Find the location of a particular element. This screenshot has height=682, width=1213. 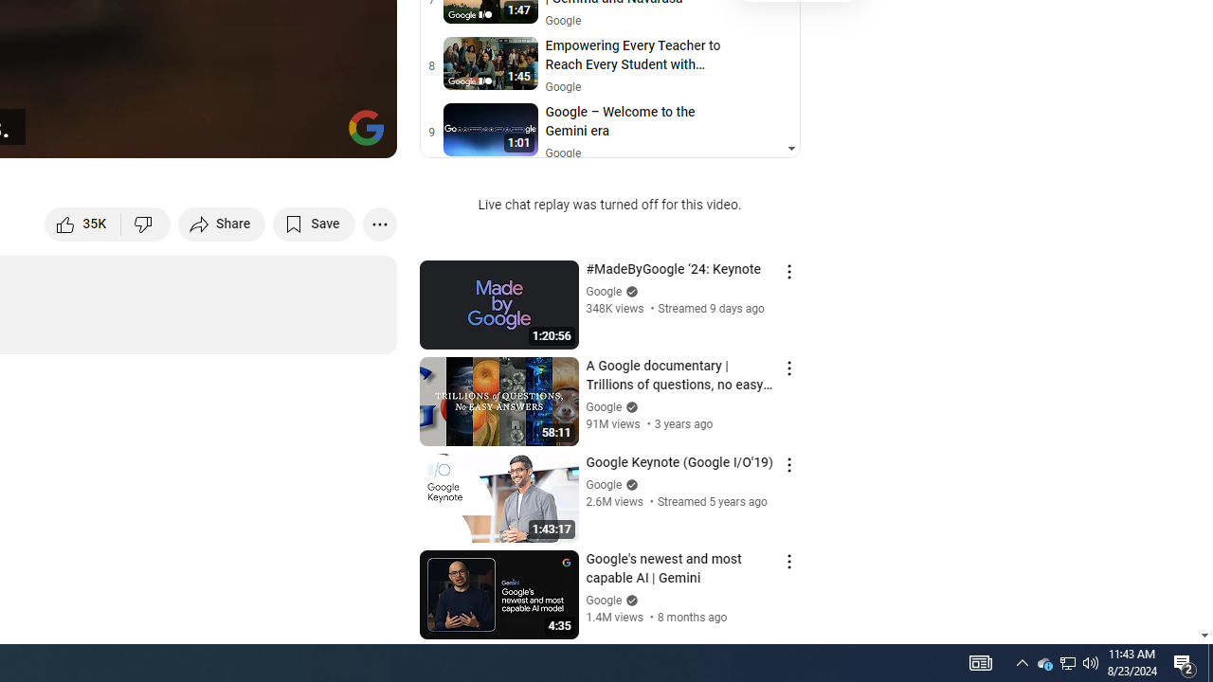

'Action menu' is located at coordinates (788, 560).